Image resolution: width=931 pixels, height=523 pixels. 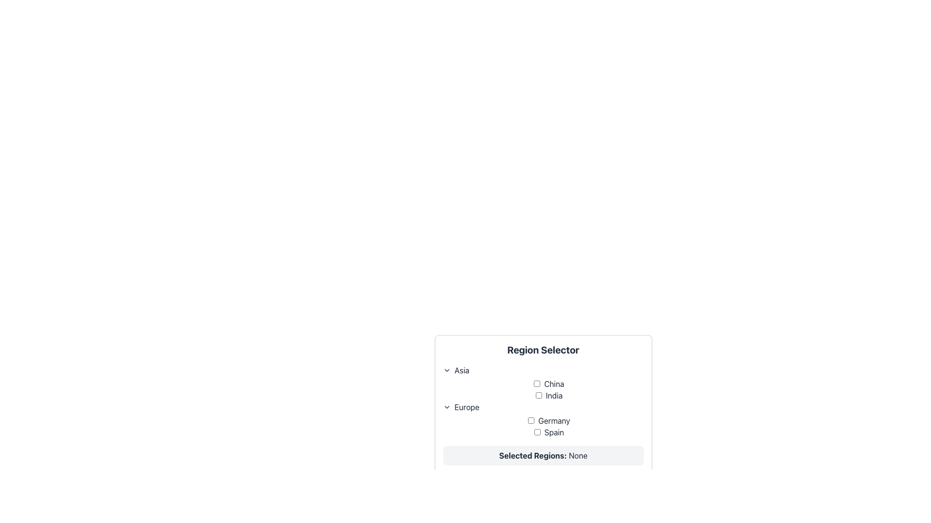 I want to click on the checkbox labeled 'Germany' located under the 'Europe' collapsible section in the region selector, so click(x=543, y=419).